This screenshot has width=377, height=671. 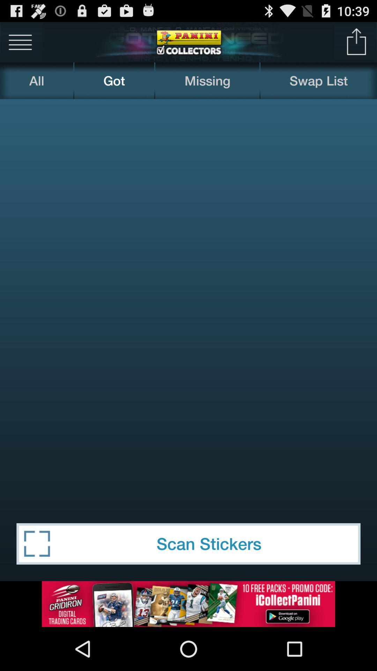 I want to click on the launch icon, so click(x=356, y=44).